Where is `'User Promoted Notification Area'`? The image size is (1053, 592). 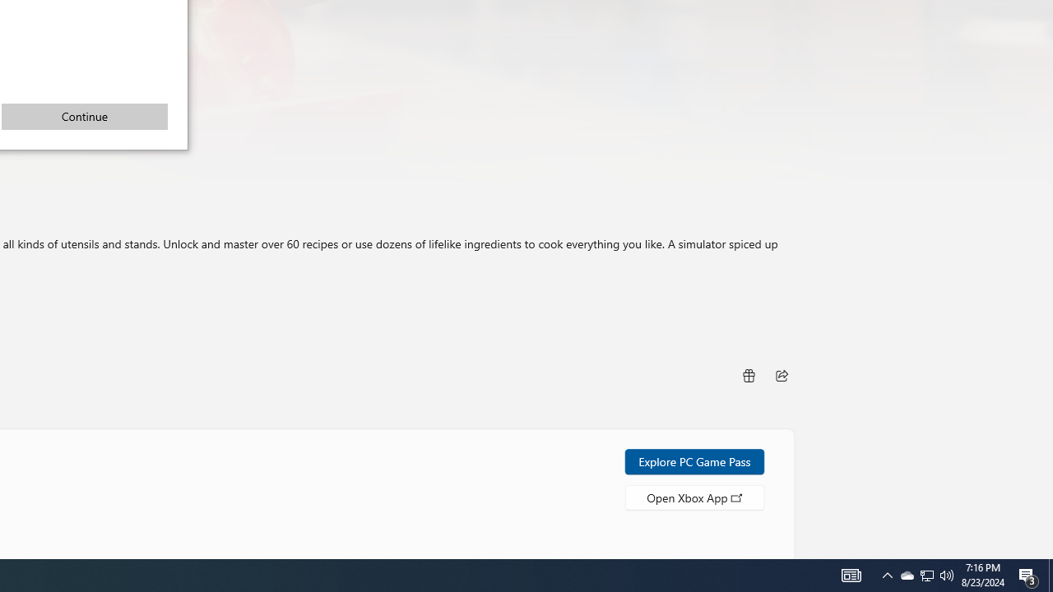 'User Promoted Notification Area' is located at coordinates (947, 574).